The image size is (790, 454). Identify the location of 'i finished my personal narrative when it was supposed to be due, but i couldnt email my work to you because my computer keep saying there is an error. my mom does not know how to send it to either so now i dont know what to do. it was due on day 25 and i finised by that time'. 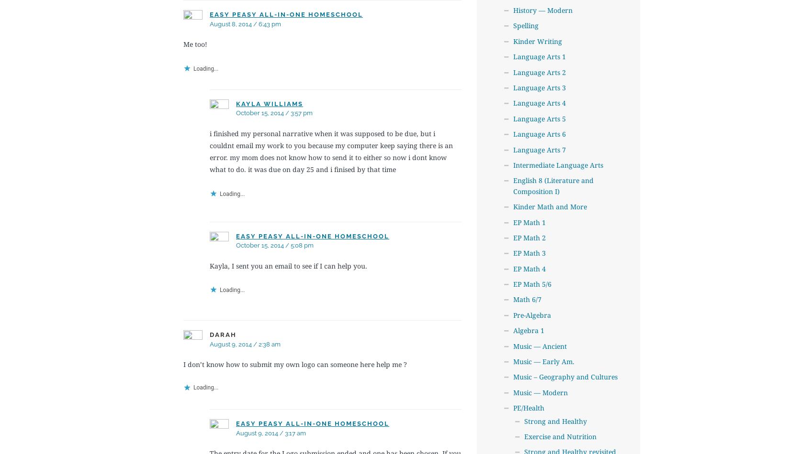
(331, 151).